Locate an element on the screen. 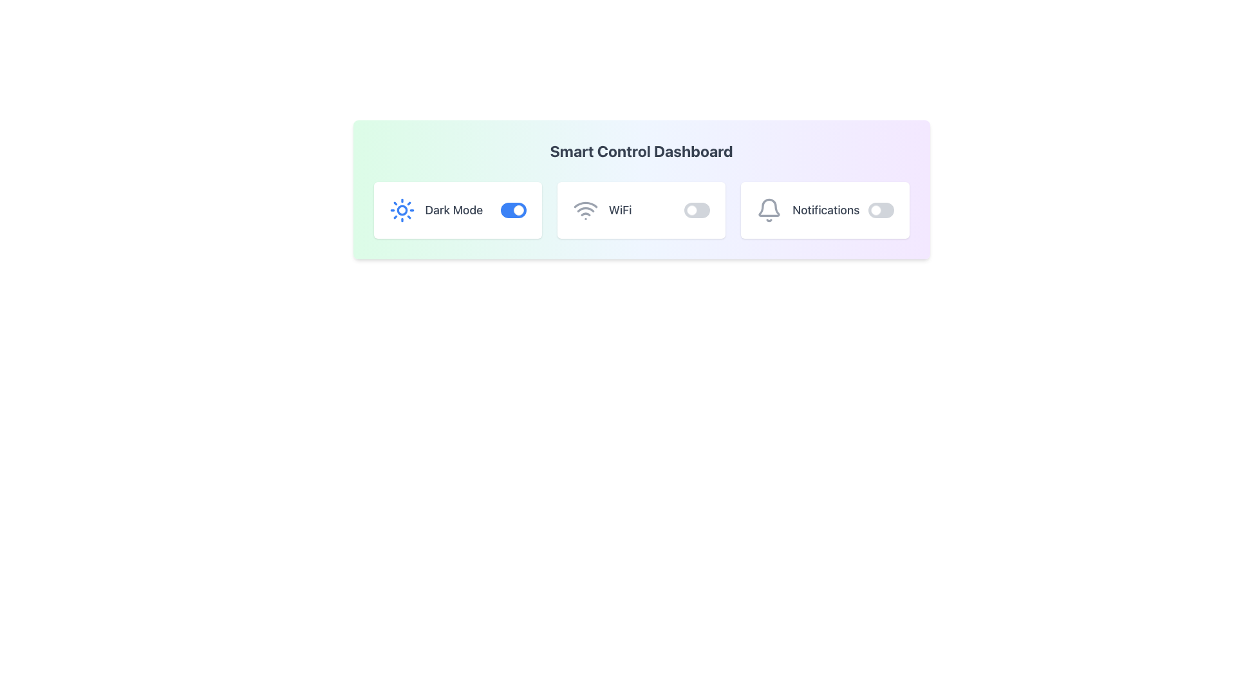 Image resolution: width=1236 pixels, height=695 pixels. the 'Notifications' label, which is a medium-sized, bold gray text located immediately to the right of the bell icon in the dashboard interface is located at coordinates (826, 210).